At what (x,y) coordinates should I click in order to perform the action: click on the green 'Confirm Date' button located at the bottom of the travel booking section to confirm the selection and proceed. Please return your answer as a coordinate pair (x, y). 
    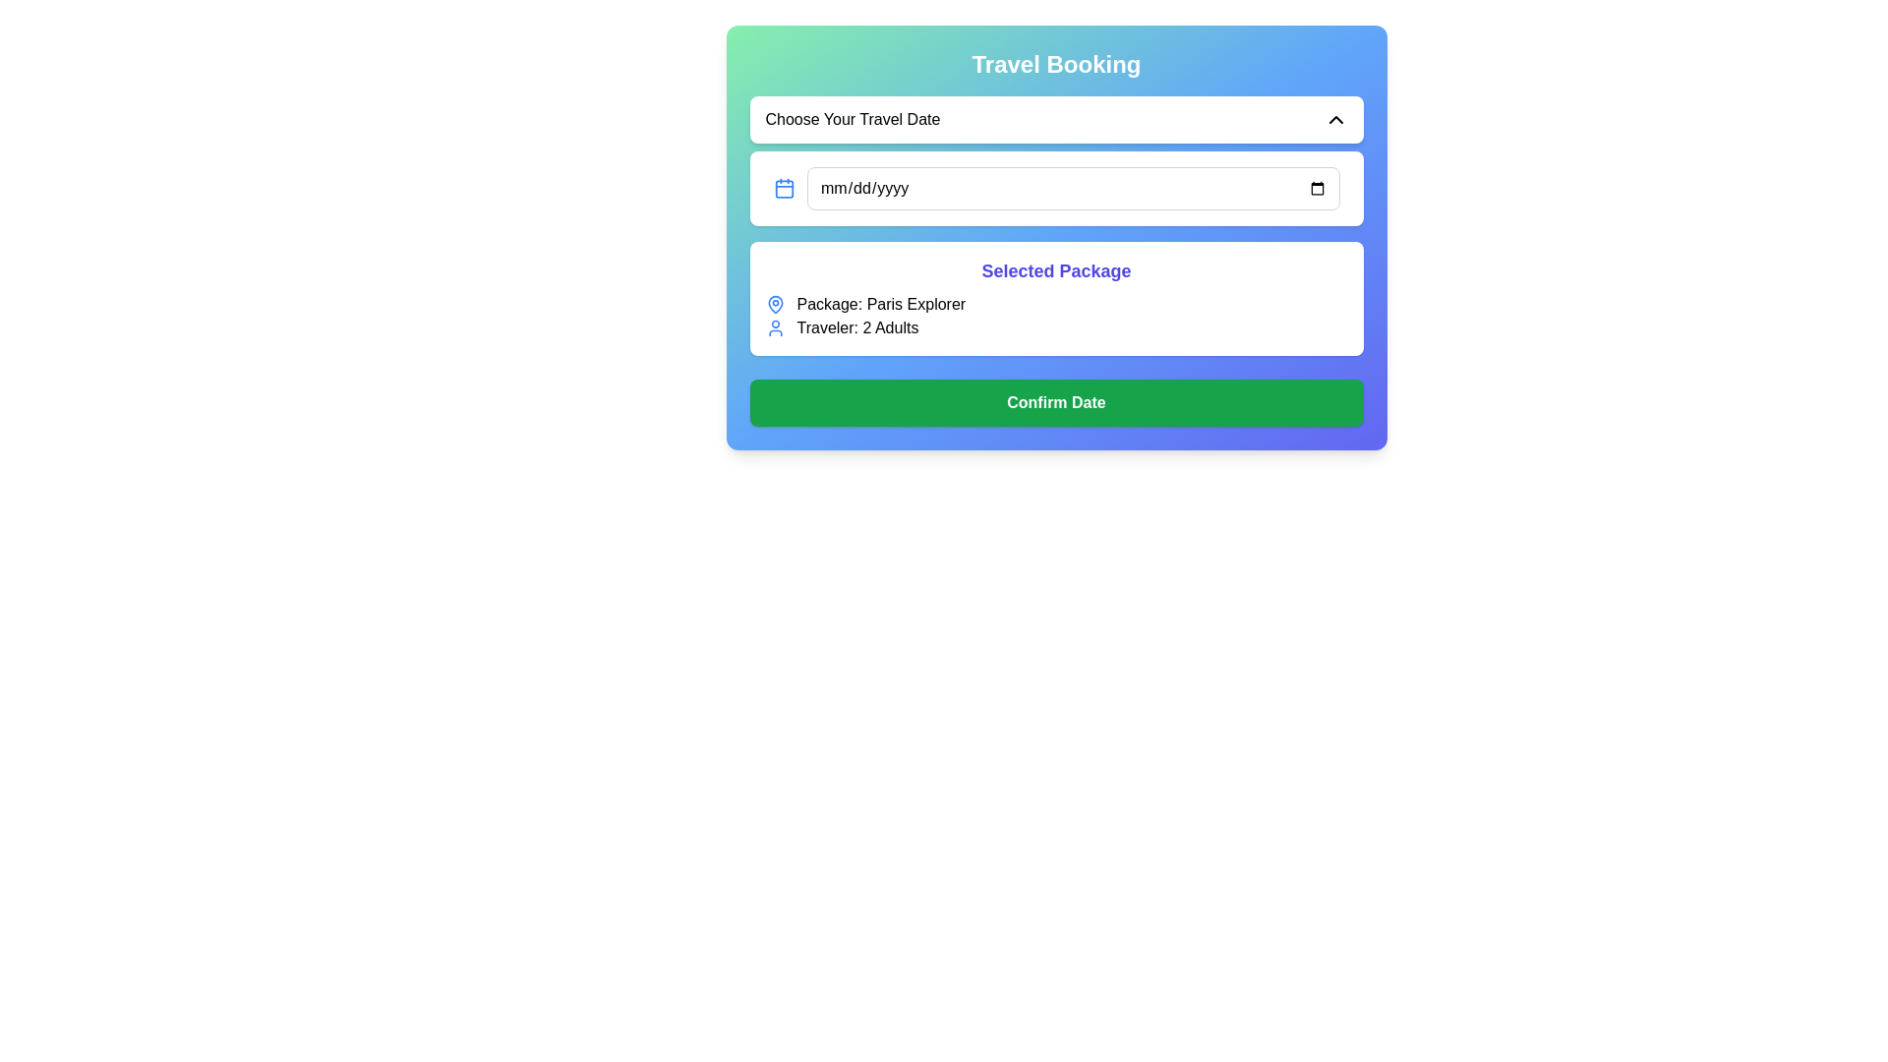
    Looking at the image, I should click on (1055, 401).